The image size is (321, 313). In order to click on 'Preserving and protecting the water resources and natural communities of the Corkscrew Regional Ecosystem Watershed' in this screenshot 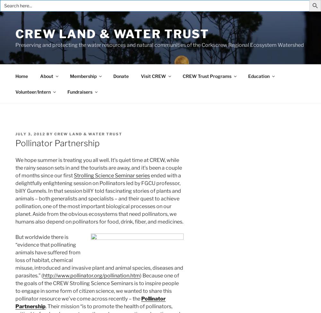, I will do `click(159, 45)`.